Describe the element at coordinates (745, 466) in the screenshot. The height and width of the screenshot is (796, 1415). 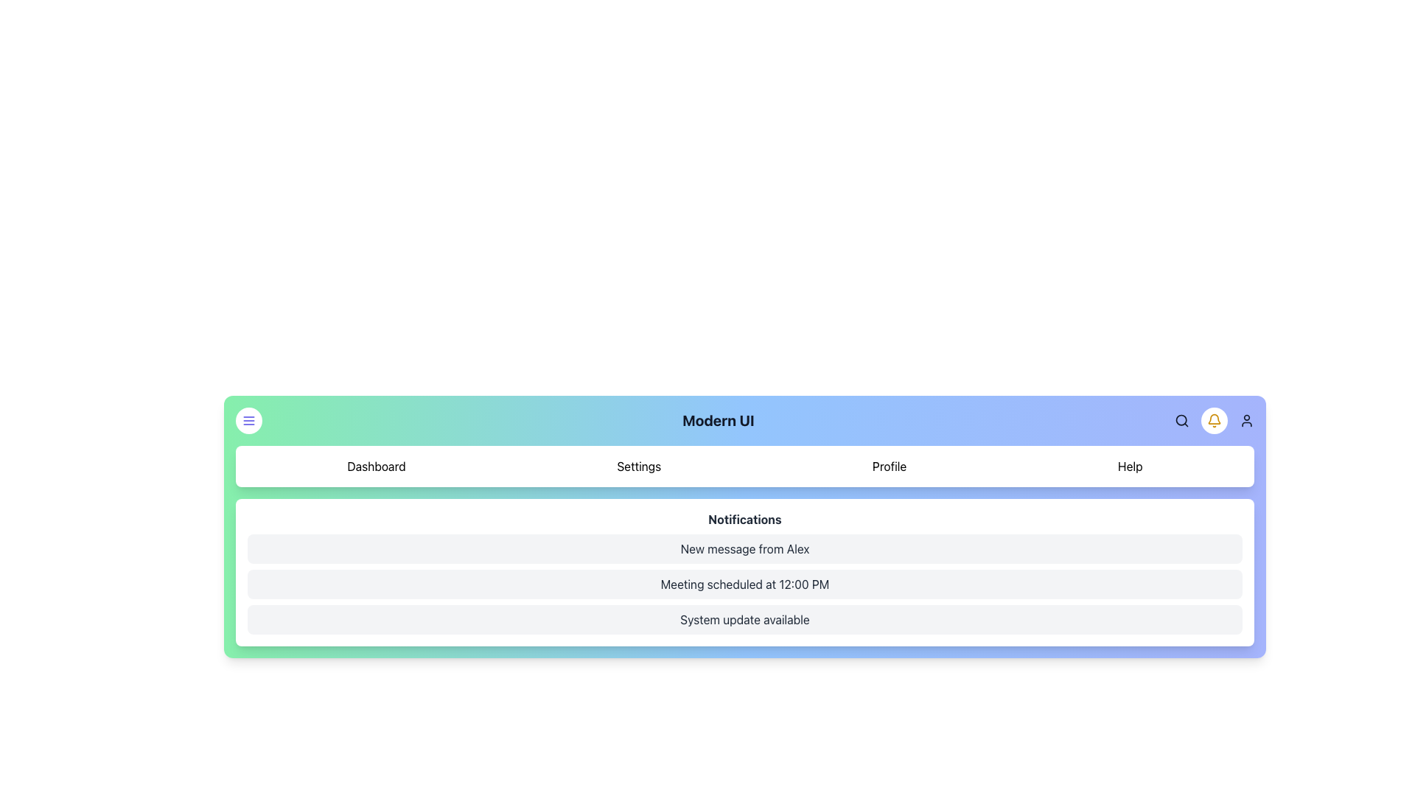
I see `the Horizontal Navigation Bar located just below the title 'Modern UI'` at that location.